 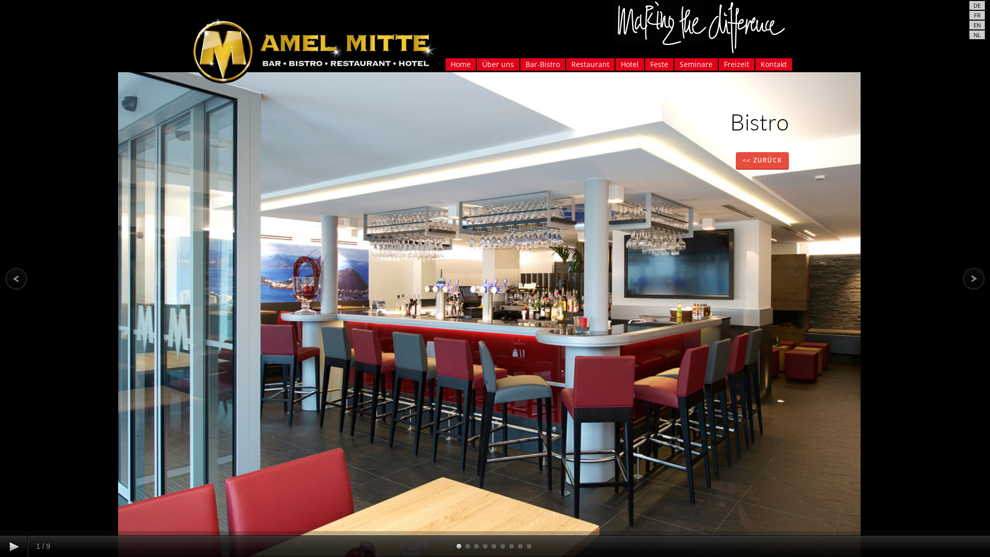 I want to click on 'Feste', so click(x=643, y=64).